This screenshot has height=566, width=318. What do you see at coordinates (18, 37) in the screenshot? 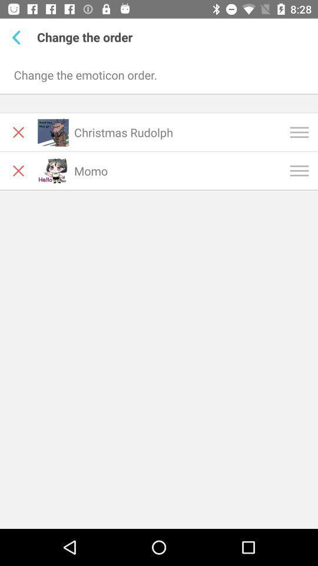
I see `item above the change the emoticon item` at bounding box center [18, 37].